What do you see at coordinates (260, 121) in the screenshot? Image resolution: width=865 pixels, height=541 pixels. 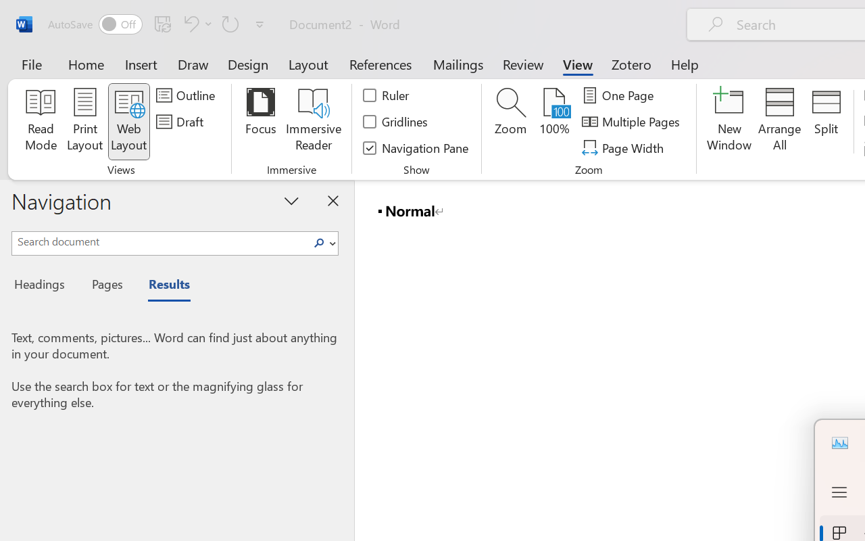 I see `'Focus'` at bounding box center [260, 121].